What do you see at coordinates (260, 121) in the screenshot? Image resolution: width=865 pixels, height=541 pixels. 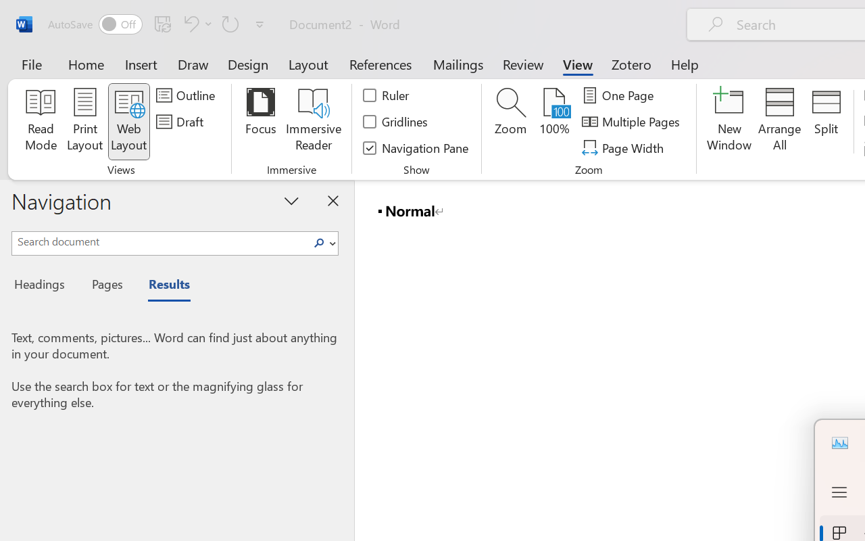 I see `'Focus'` at bounding box center [260, 121].